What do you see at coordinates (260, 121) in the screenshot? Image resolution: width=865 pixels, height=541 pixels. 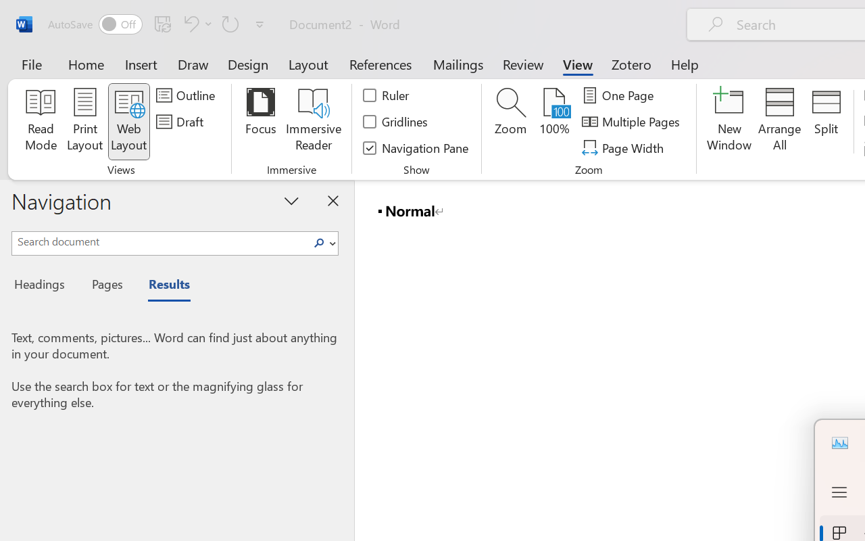 I see `'Focus'` at bounding box center [260, 121].